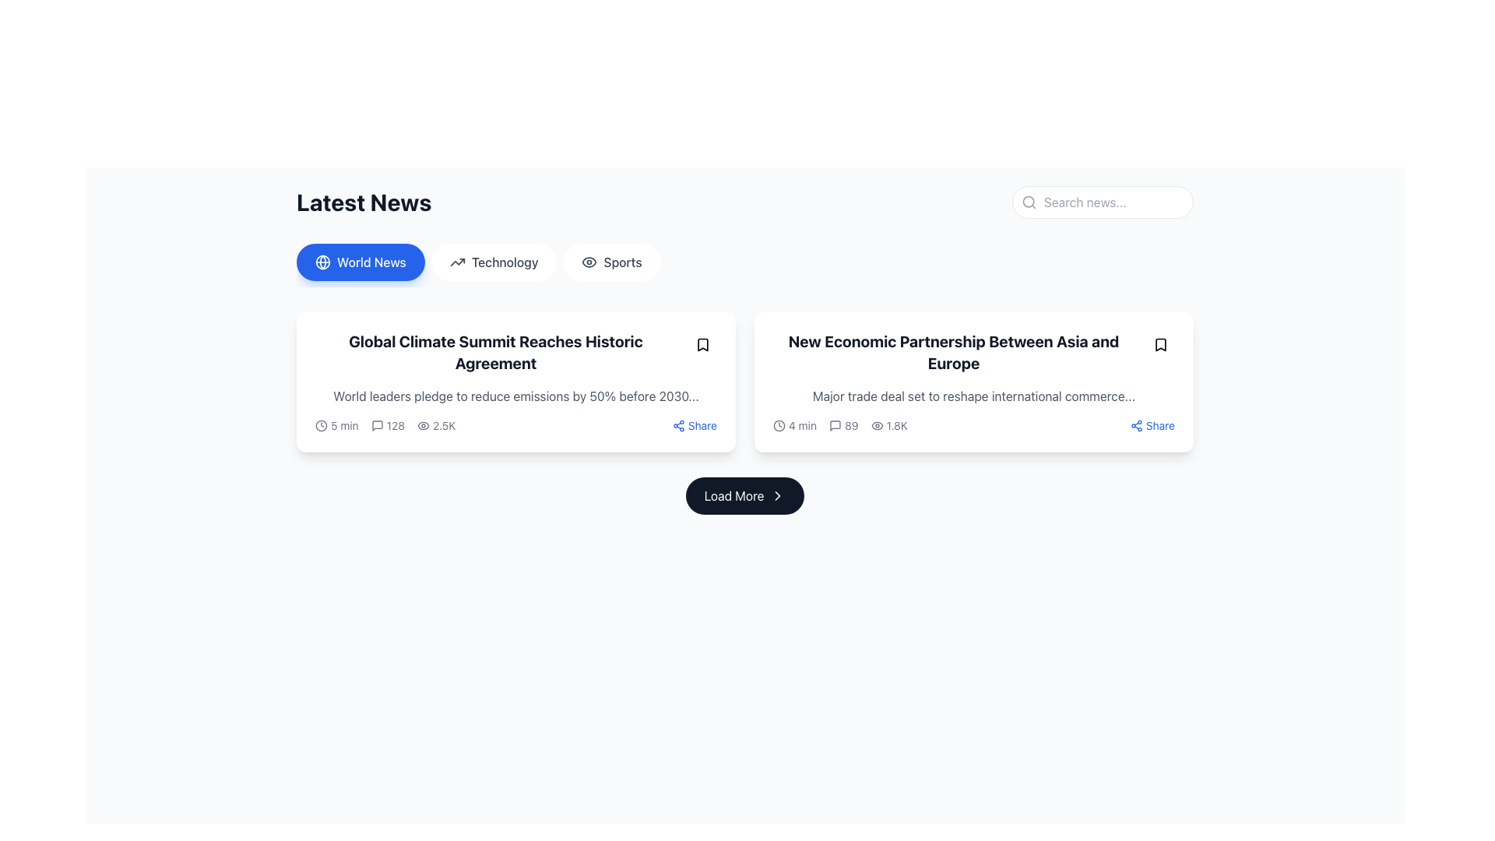  Describe the element at coordinates (959, 352) in the screenshot. I see `text from the headline Text Label located centrally in the horizontal card layout on the right side of the page, just beneath the 'Latest News' section` at that location.